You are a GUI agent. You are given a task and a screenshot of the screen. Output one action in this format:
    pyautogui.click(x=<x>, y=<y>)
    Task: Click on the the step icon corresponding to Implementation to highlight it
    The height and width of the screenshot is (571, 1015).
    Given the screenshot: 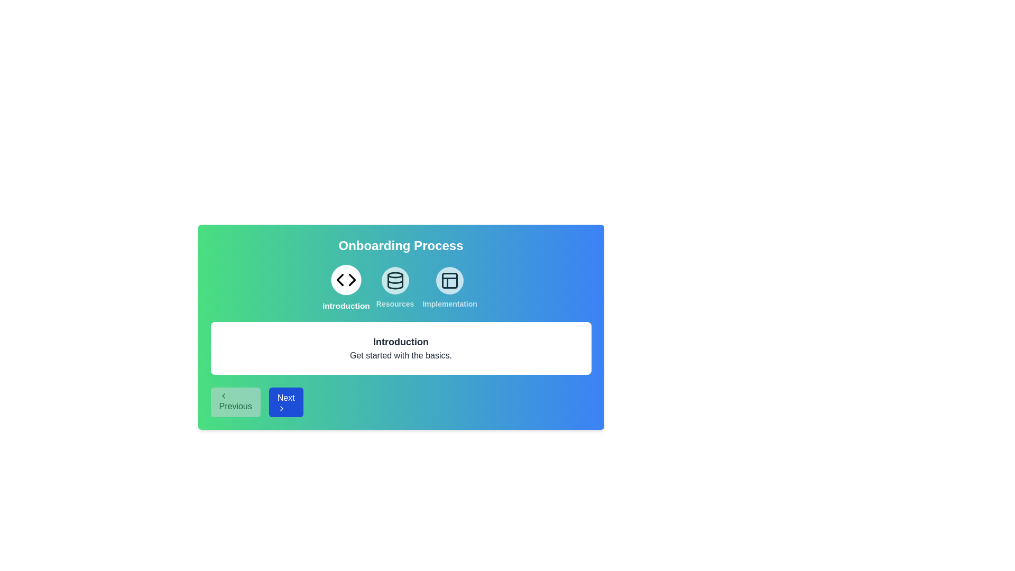 What is the action you would take?
    pyautogui.click(x=450, y=288)
    